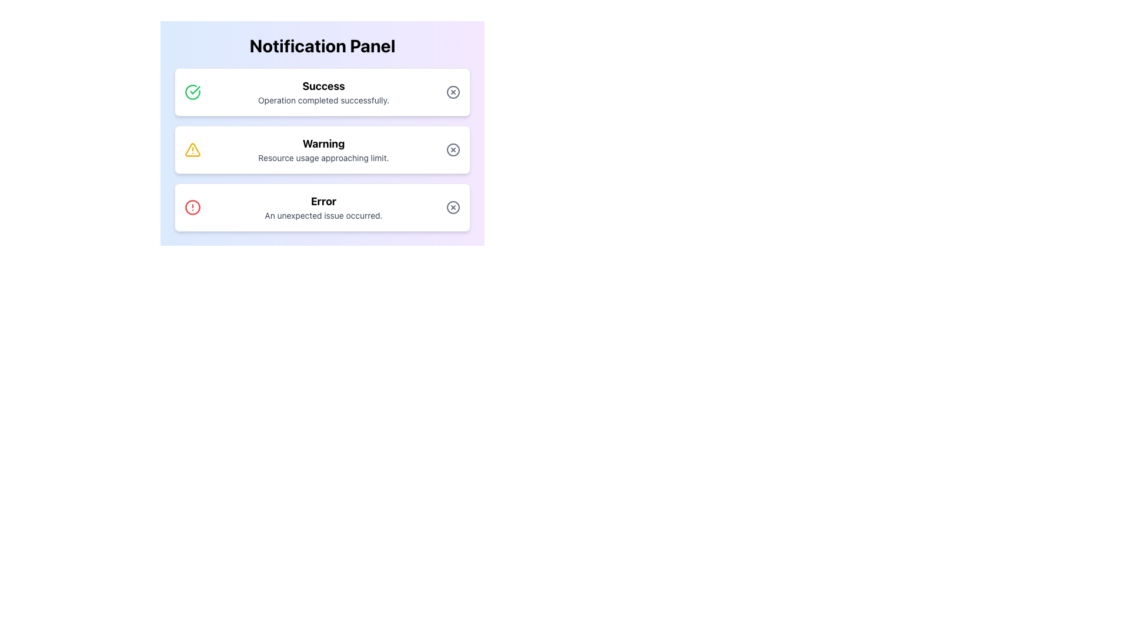 The width and height of the screenshot is (1129, 635). Describe the element at coordinates (453, 92) in the screenshot. I see `the close button located at the top-right corner of the notification box labeled 'Success'` at that location.